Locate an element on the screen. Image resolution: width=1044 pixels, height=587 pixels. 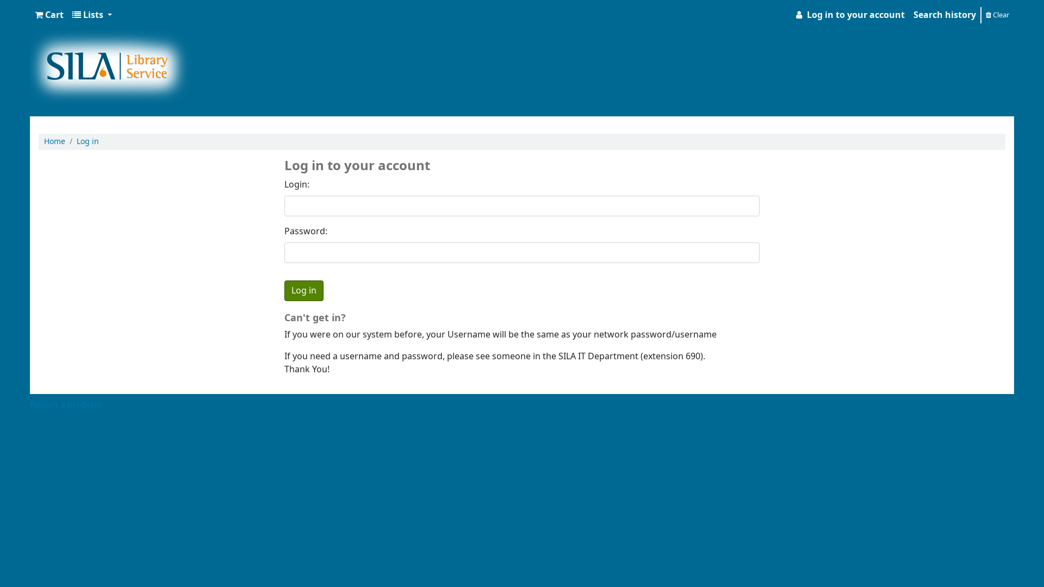
'Lists' is located at coordinates (92, 15).